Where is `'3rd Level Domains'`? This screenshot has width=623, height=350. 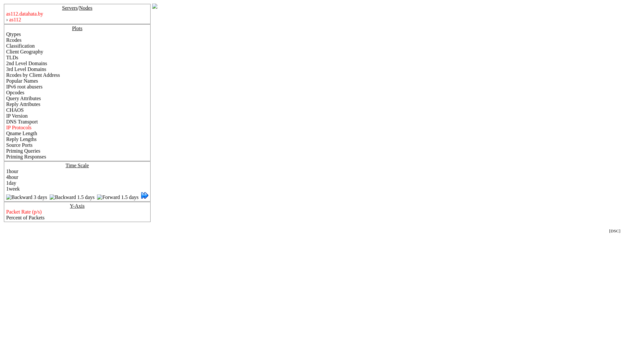 '3rd Level Domains' is located at coordinates (26, 69).